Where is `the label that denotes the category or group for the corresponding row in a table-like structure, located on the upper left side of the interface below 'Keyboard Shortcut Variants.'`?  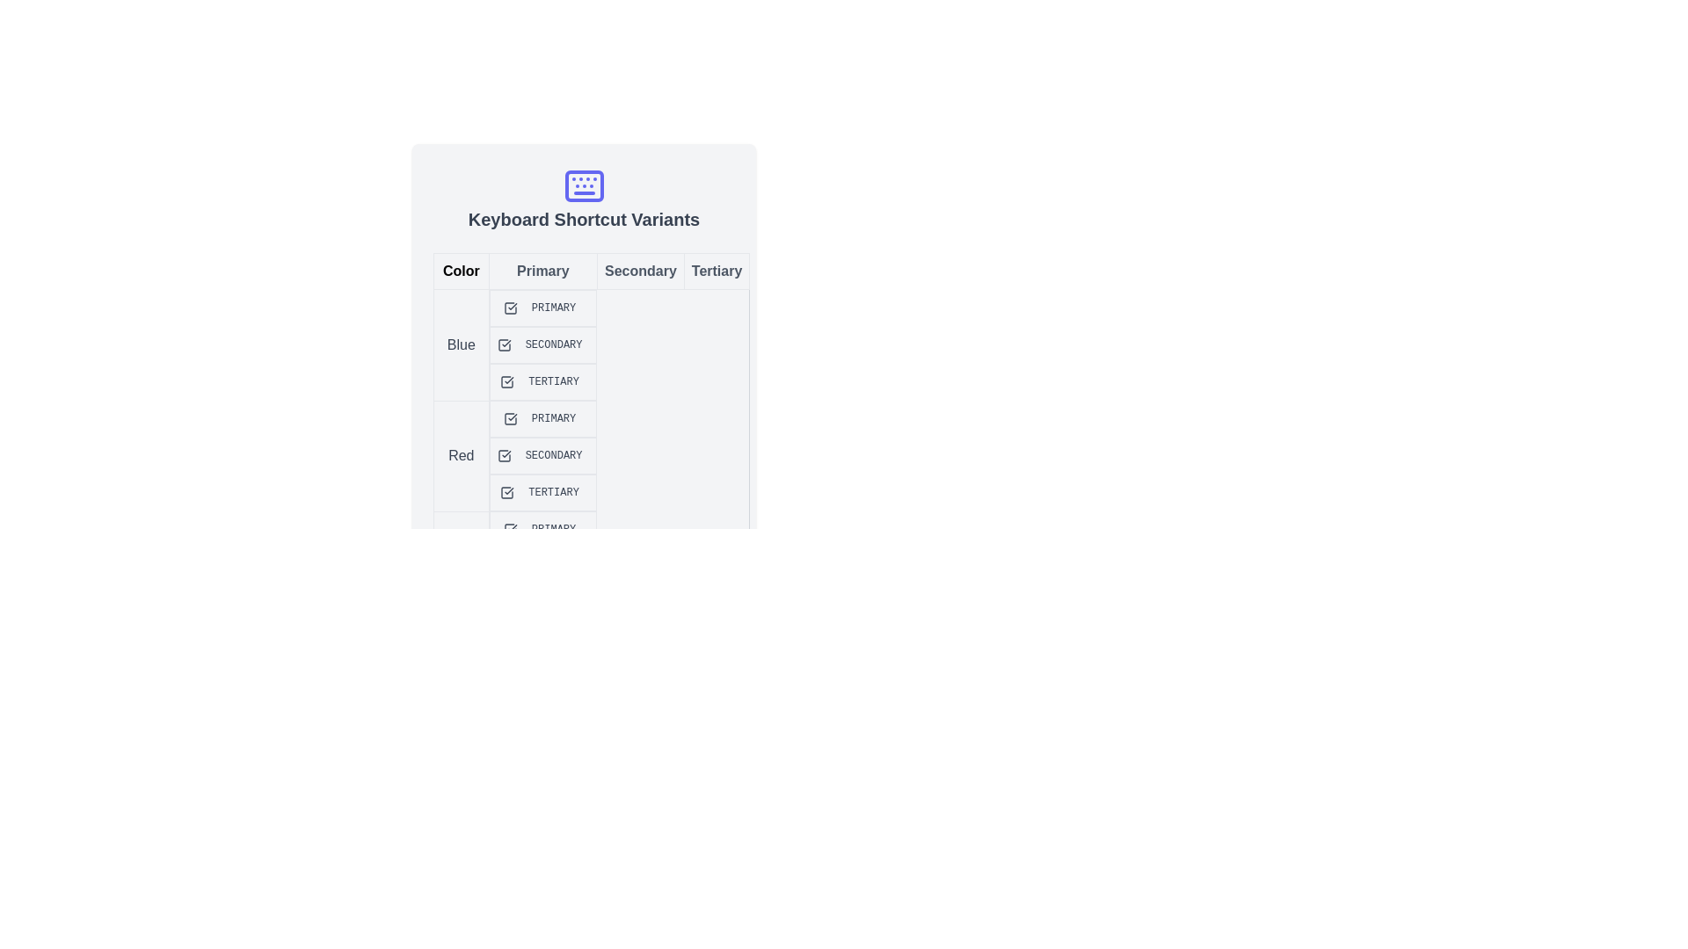
the label that denotes the category or group for the corresponding row in a table-like structure, located on the upper left side of the interface below 'Keyboard Shortcut Variants.' is located at coordinates (461, 271).